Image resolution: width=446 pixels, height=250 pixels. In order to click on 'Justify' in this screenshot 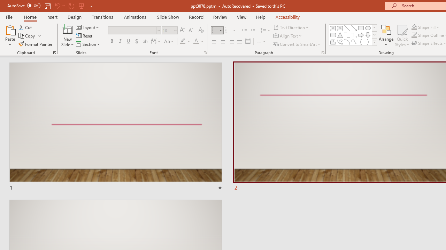, I will do `click(240, 41)`.